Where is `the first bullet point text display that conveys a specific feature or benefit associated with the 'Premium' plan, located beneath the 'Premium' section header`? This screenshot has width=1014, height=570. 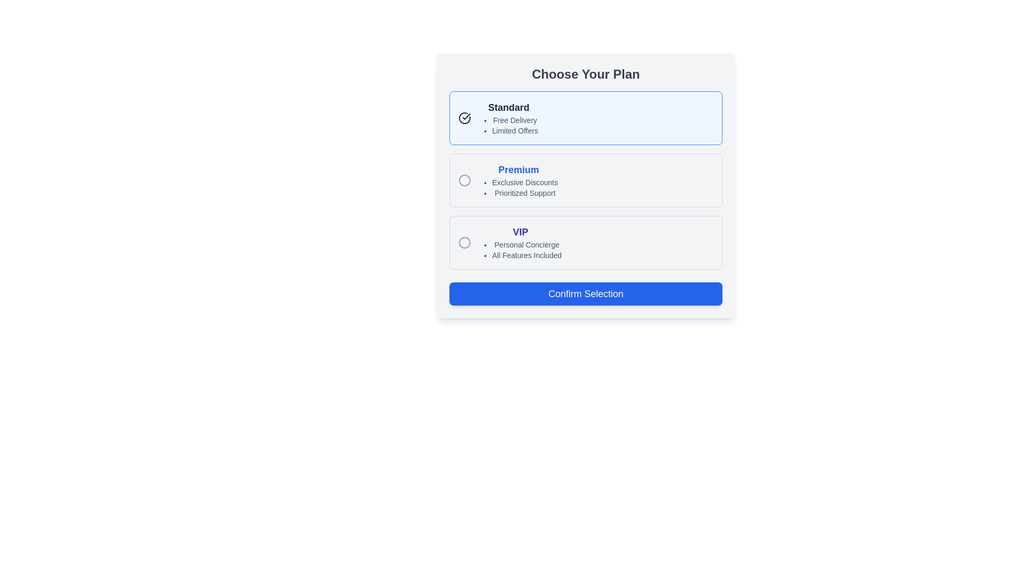 the first bullet point text display that conveys a specific feature or benefit associated with the 'Premium' plan, located beneath the 'Premium' section header is located at coordinates (525, 182).